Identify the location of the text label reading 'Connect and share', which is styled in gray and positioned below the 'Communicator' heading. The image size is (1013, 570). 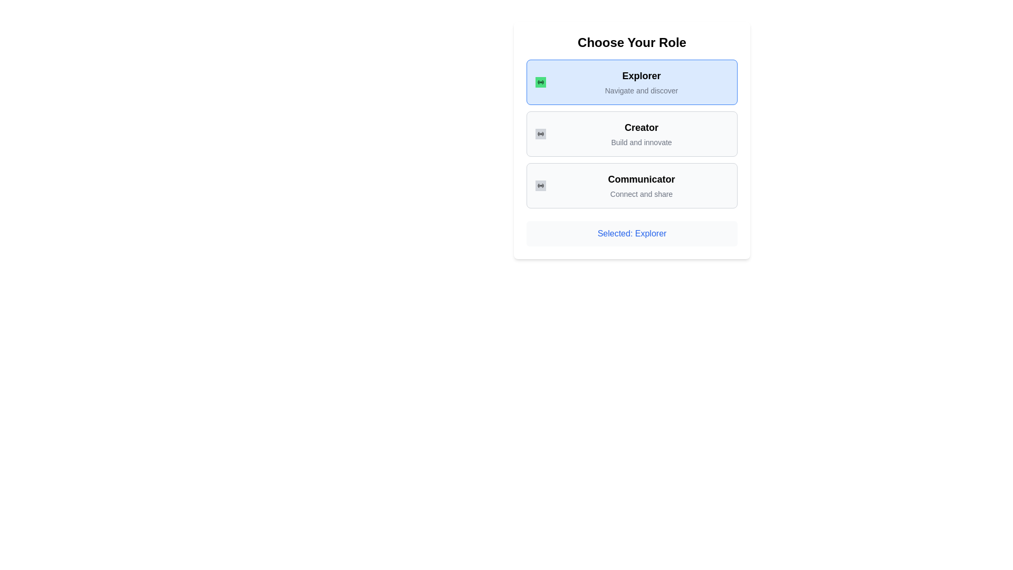
(641, 194).